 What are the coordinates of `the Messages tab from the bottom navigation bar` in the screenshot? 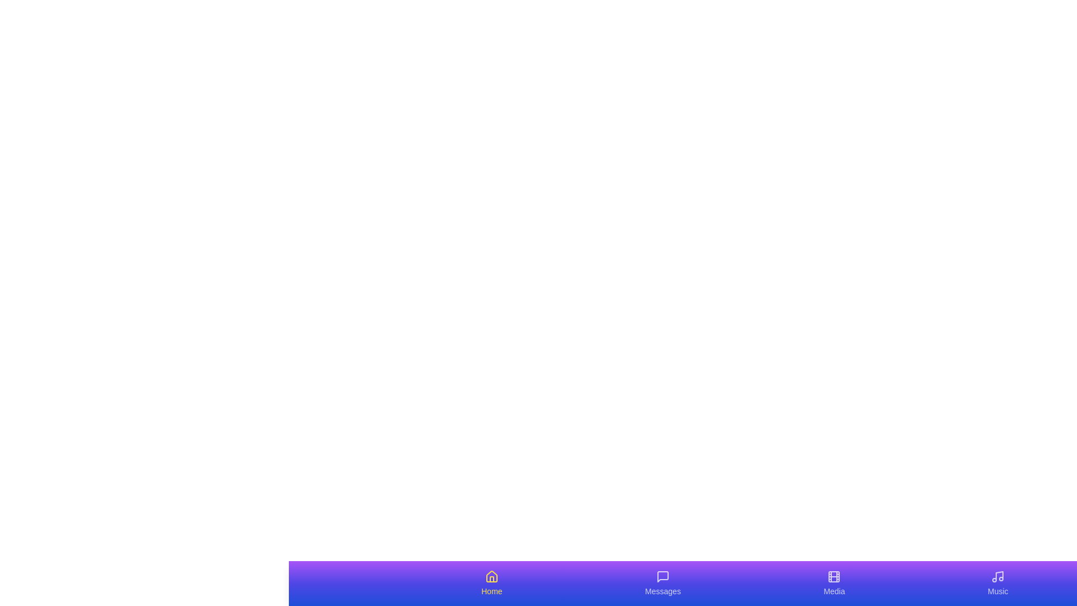 It's located at (662, 583).